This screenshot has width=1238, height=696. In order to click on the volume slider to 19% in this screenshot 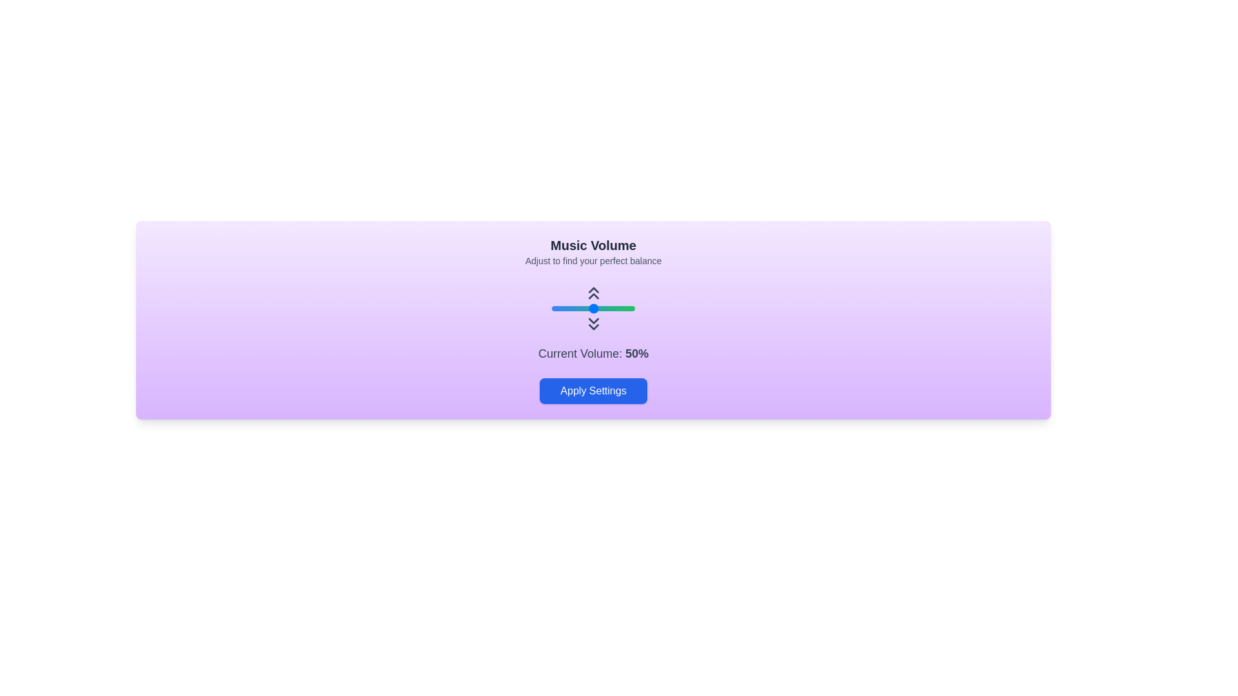, I will do `click(567, 308)`.